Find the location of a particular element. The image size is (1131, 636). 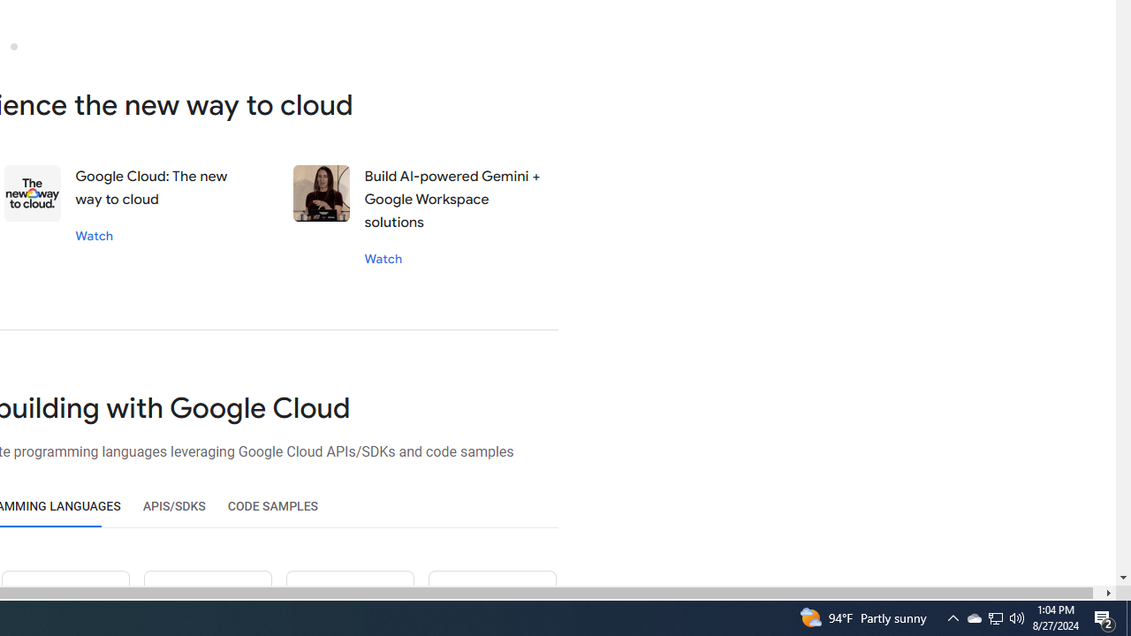

'Ruby icon' is located at coordinates (208, 602).